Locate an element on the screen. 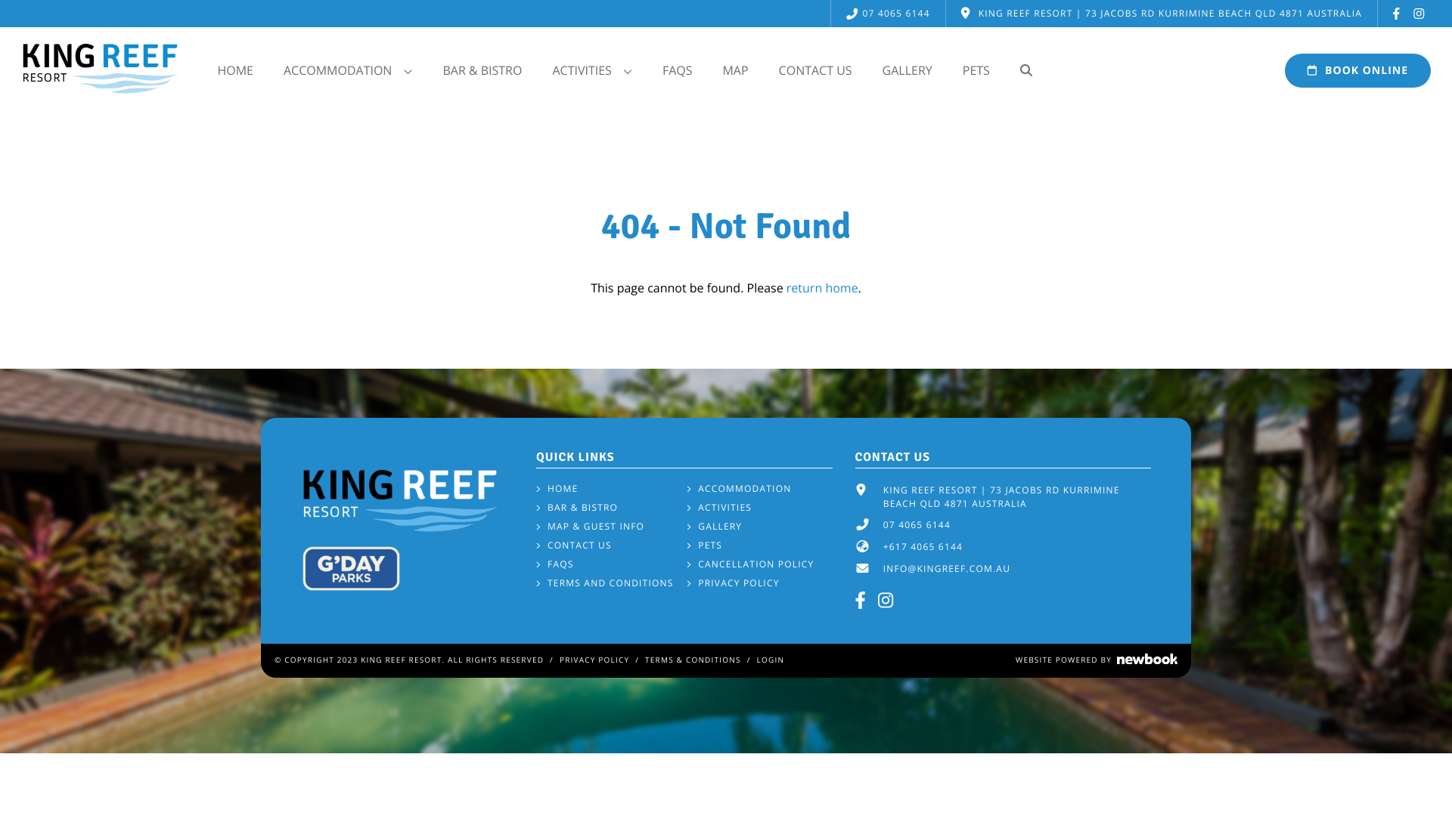 The height and width of the screenshot is (816, 1452). 'PRIVACY POLICY' is located at coordinates (685, 582).